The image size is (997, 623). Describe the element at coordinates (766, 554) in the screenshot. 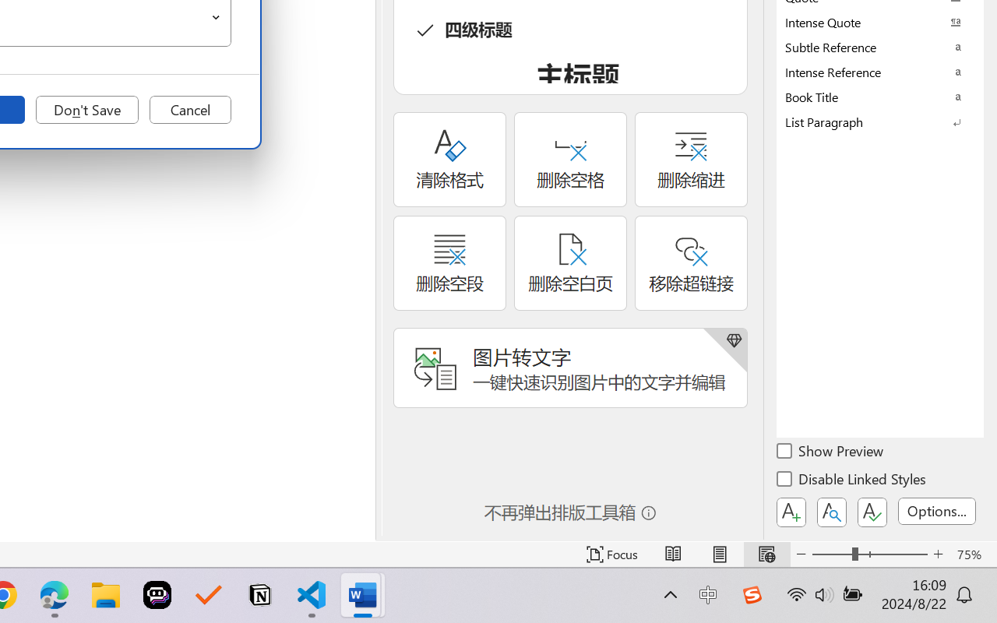

I see `'Web Layout'` at that location.